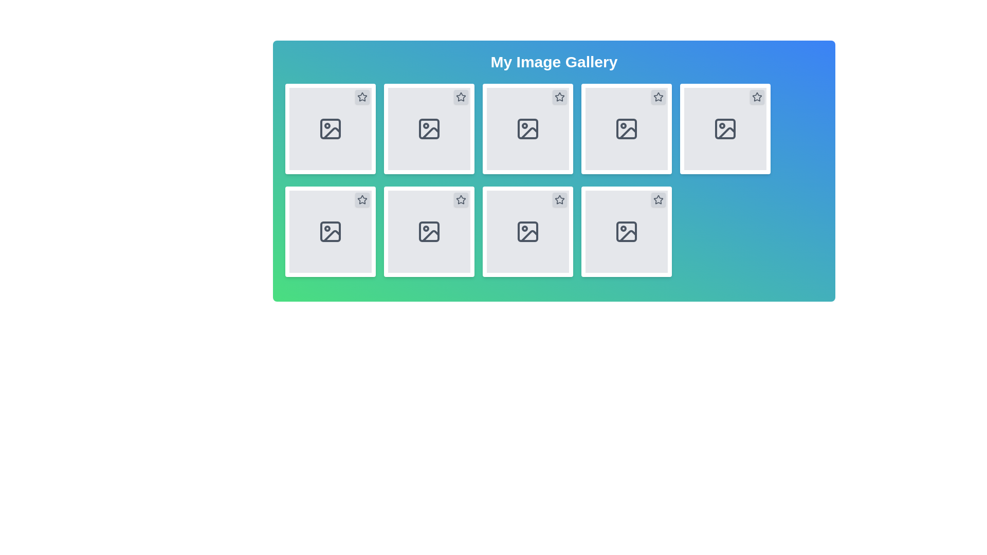  Describe the element at coordinates (331, 128) in the screenshot. I see `the center of the SVG icon resembling a generic image placeholder located in the top-left grid item of the 'My Image Gallery' section` at that location.